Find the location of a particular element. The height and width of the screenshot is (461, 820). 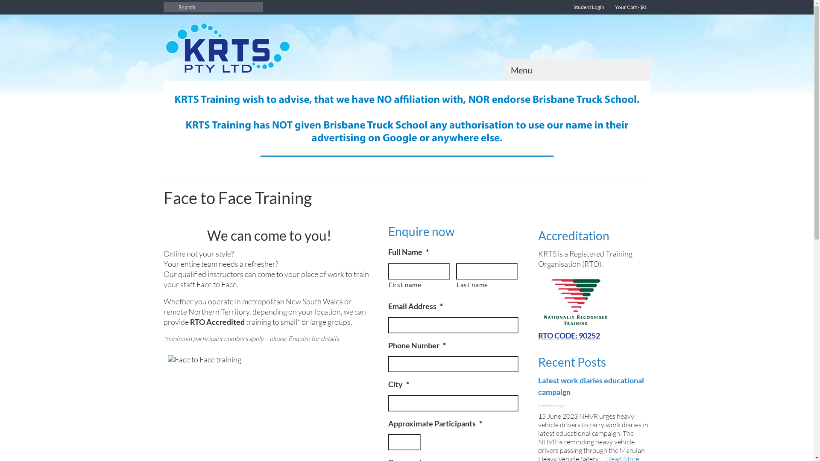

'Menu' is located at coordinates (577, 70).